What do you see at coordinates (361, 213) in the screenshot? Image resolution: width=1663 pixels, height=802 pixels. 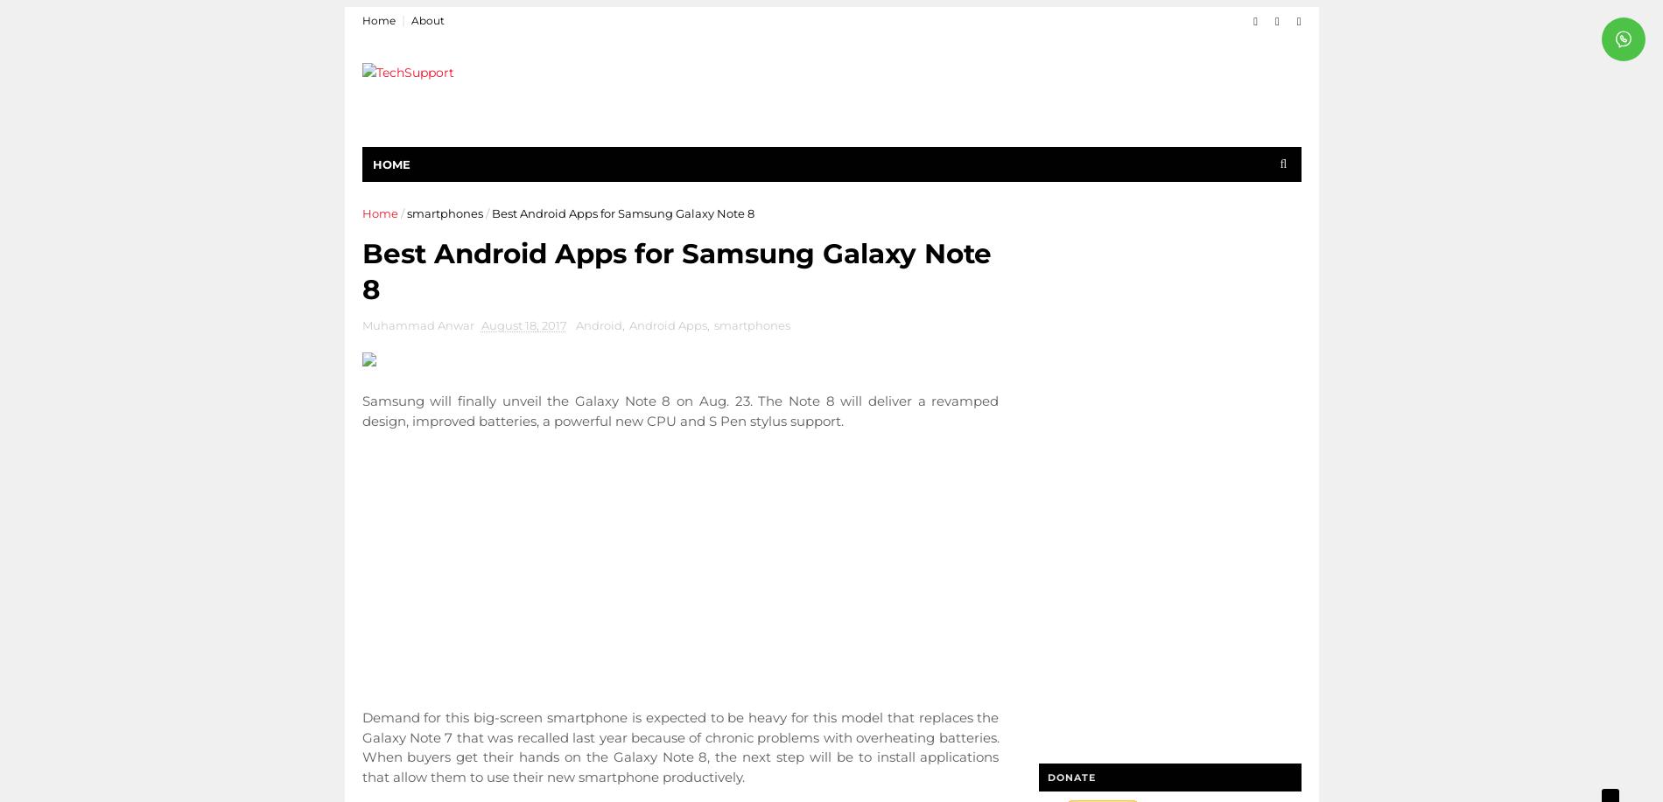 I see `'Home'` at bounding box center [361, 213].